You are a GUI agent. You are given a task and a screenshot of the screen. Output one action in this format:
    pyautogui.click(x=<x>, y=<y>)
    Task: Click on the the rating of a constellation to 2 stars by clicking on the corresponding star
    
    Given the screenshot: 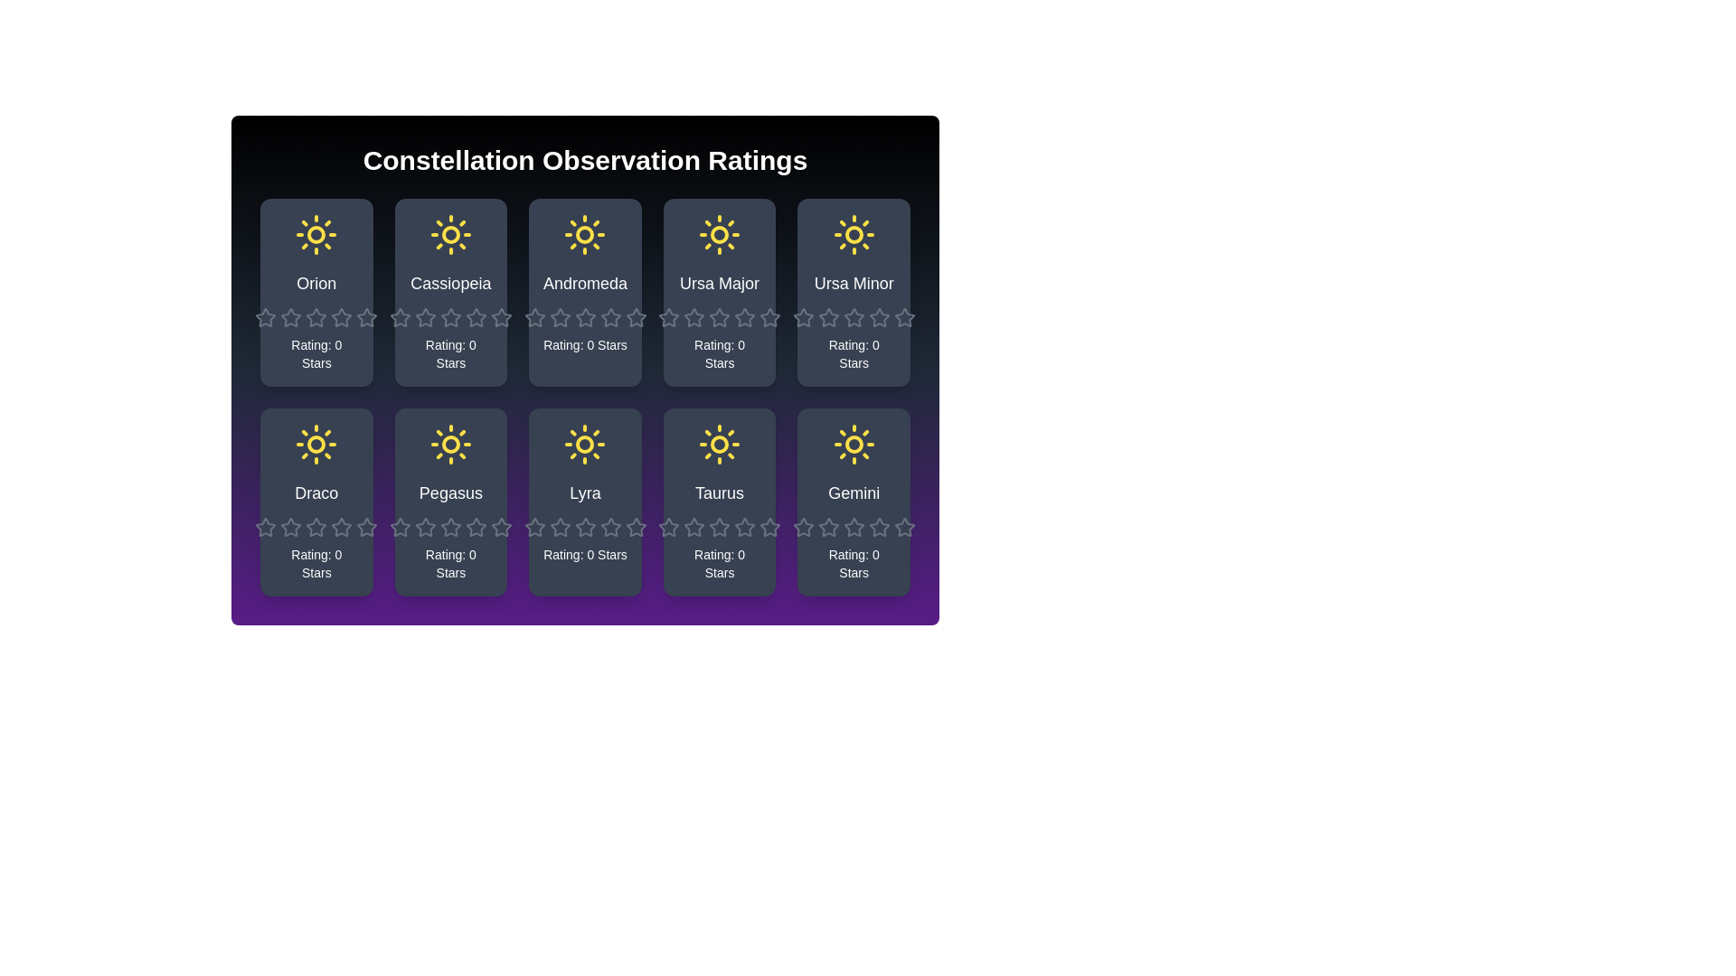 What is the action you would take?
    pyautogui.click(x=279, y=305)
    